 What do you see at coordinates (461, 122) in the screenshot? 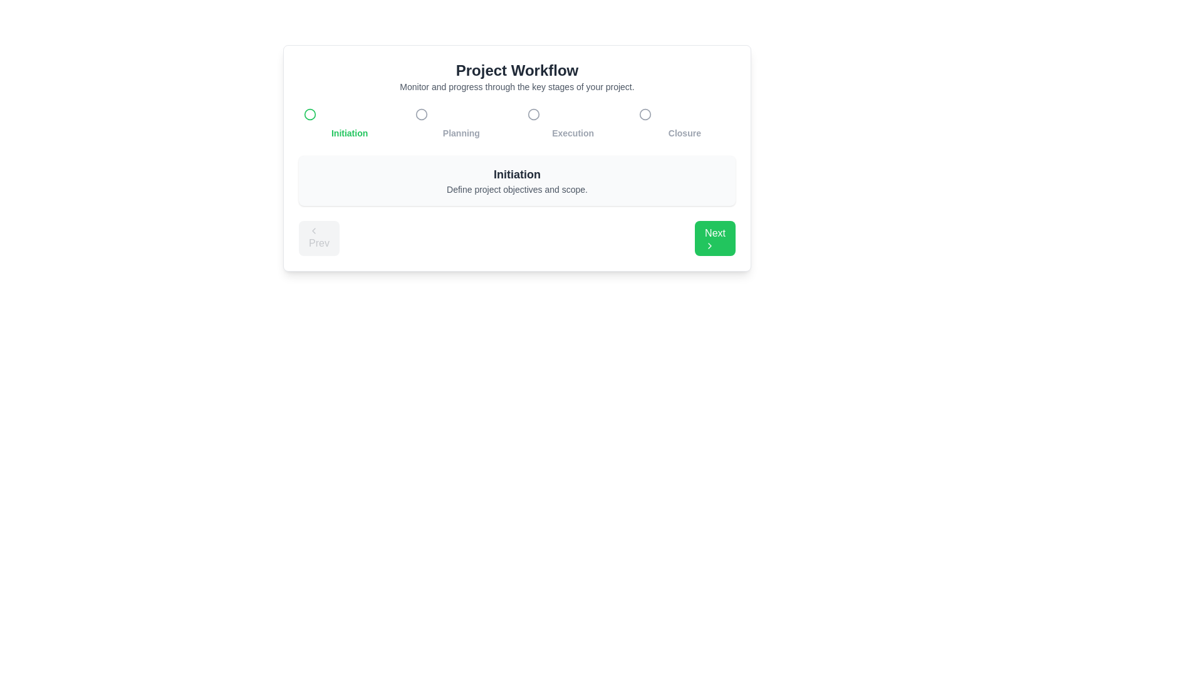
I see `the milestone titled Planning by clicking on its title` at bounding box center [461, 122].